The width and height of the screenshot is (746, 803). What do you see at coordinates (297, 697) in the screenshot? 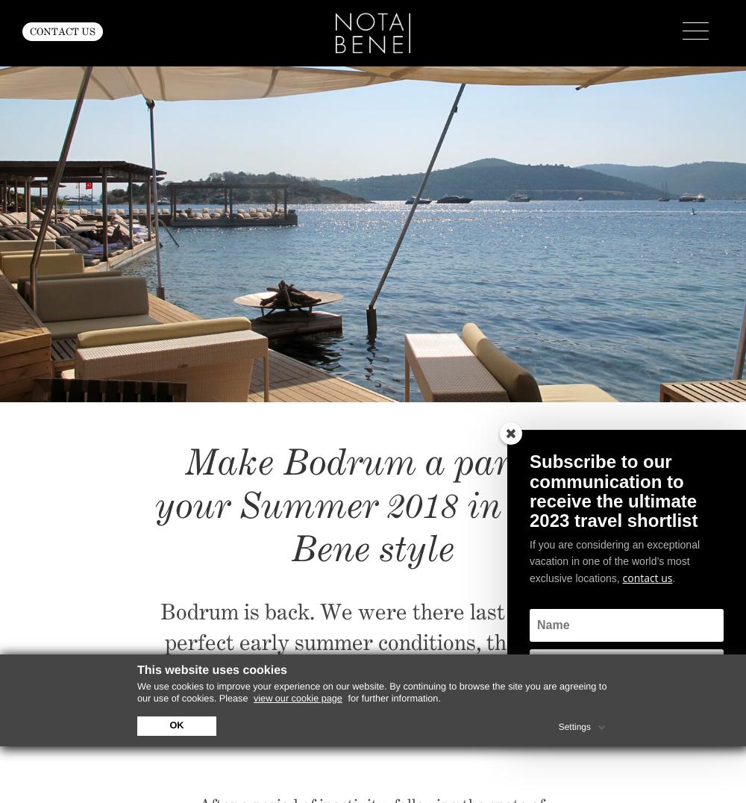
I see `'view our cookie page'` at bounding box center [297, 697].